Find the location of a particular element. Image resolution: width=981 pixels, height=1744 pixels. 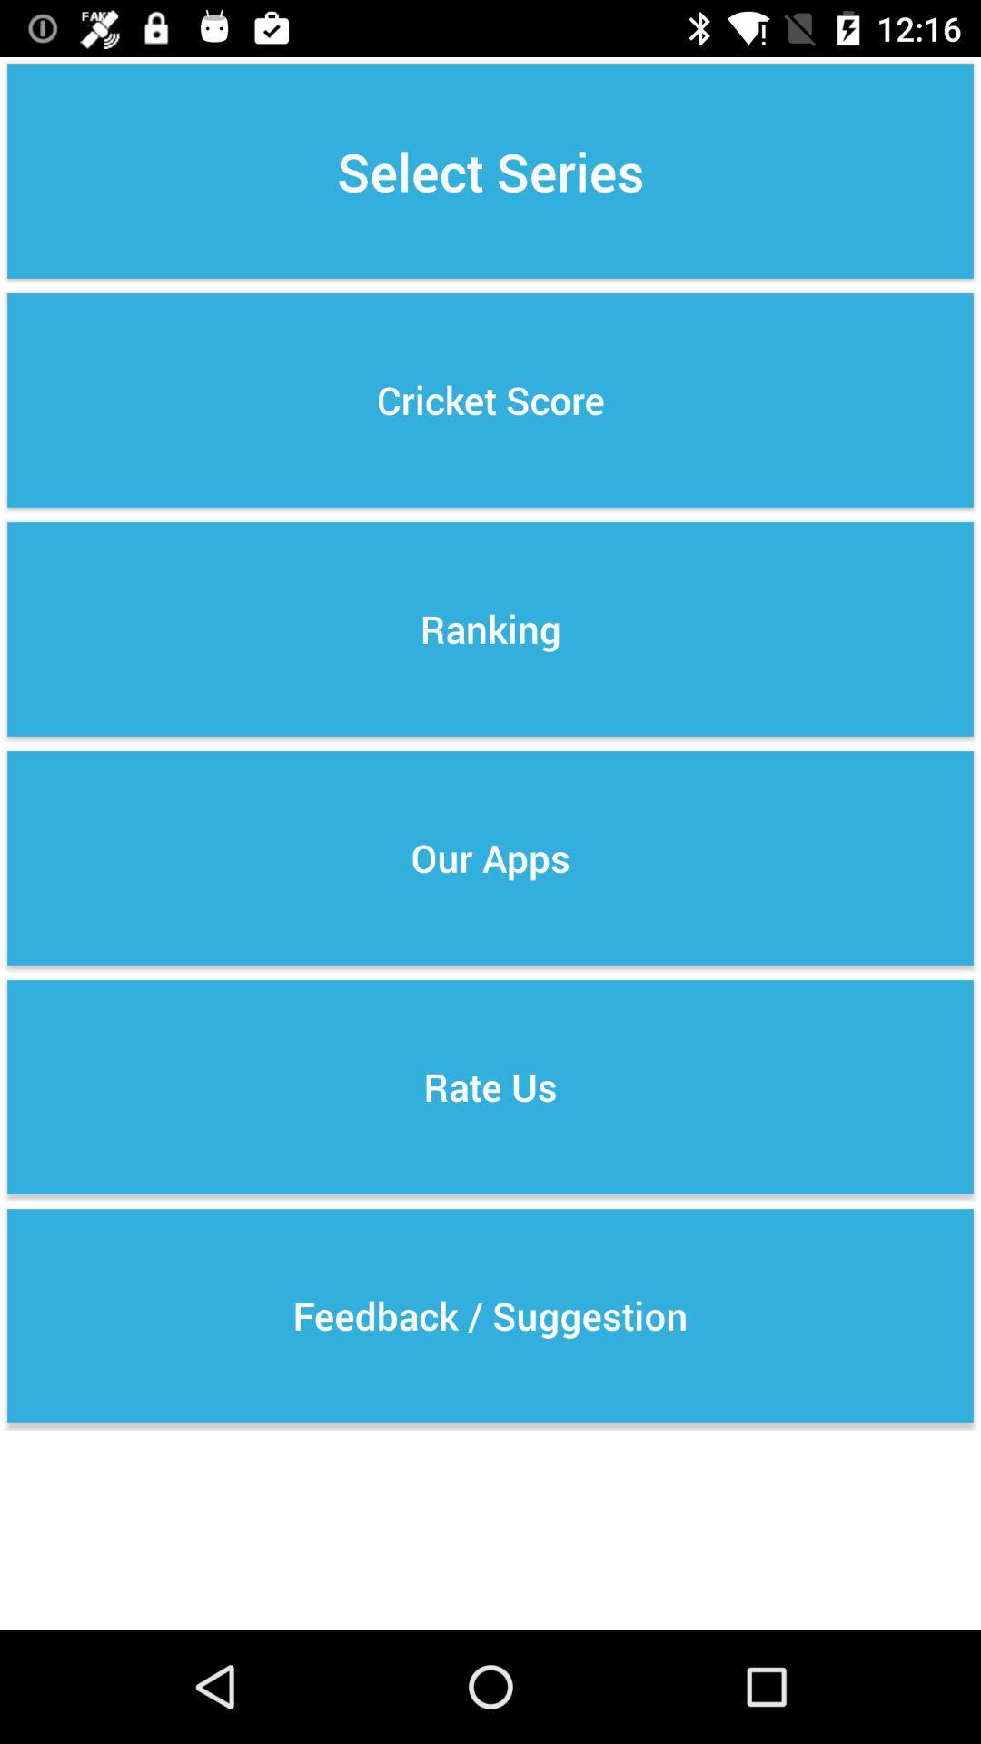

rate us button is located at coordinates (490, 1086).